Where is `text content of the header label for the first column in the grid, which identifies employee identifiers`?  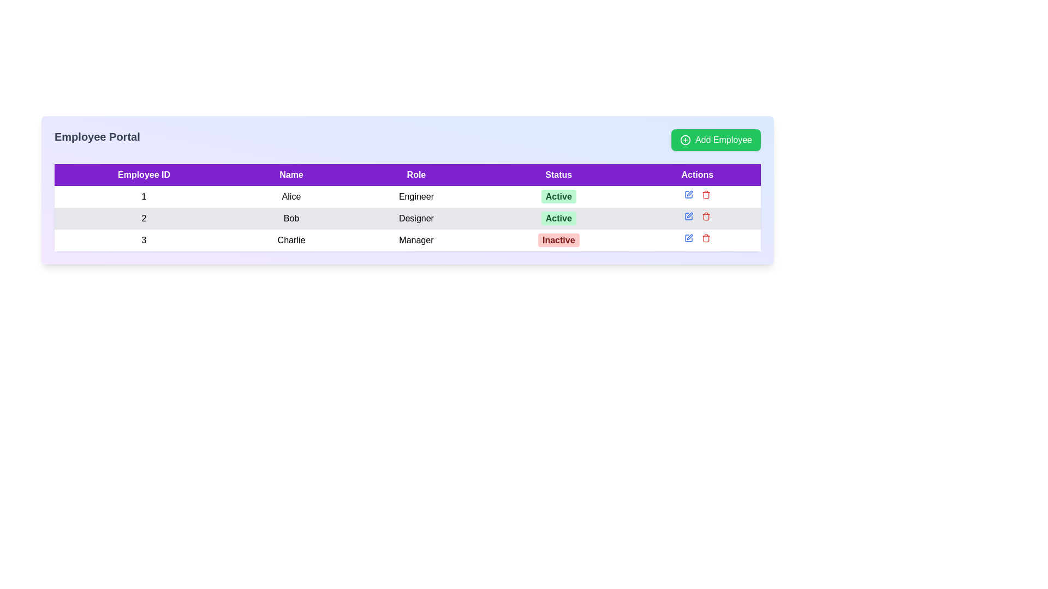 text content of the header label for the first column in the grid, which identifies employee identifiers is located at coordinates (144, 174).